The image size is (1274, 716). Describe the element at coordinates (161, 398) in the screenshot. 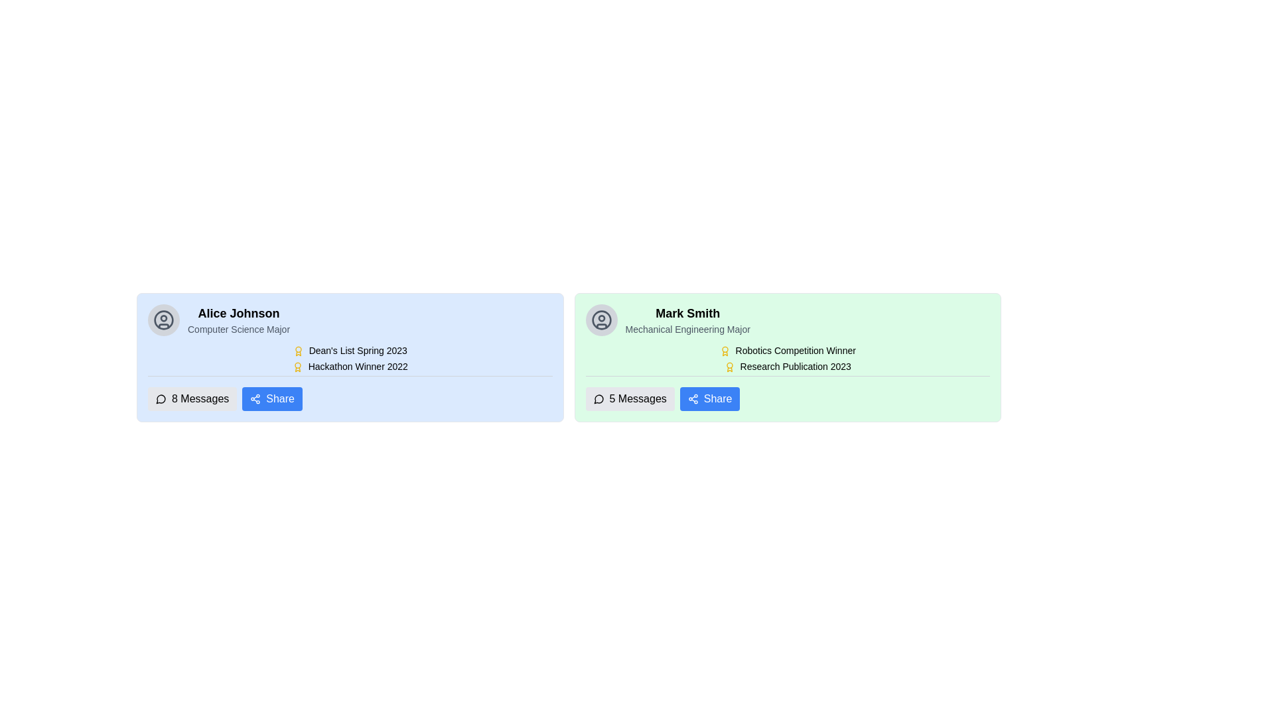

I see `the messaging icon located at the bottom-left of the blue profile section for 'Alice Johnson', which is positioned to the far left of the text '8 Messages'` at that location.